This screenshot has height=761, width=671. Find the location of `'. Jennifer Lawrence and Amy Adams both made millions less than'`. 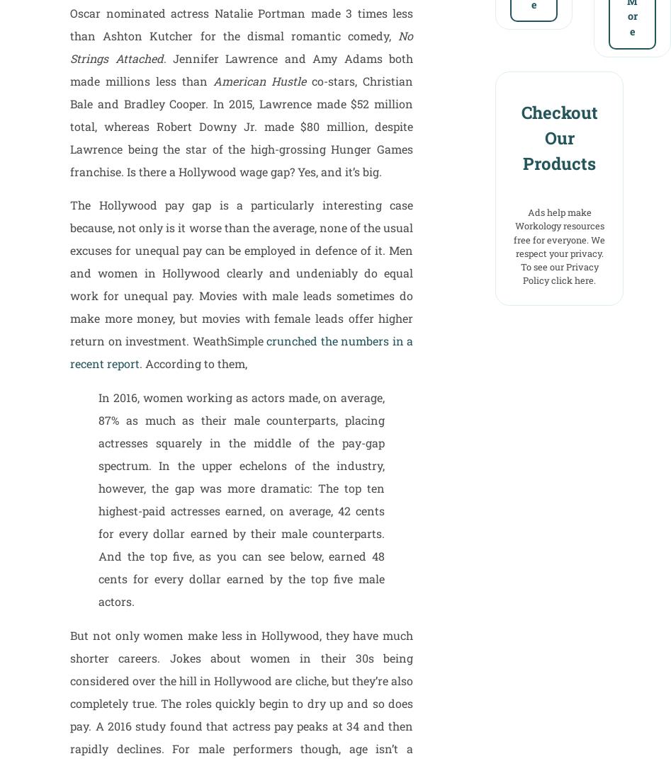

'. Jennifer Lawrence and Amy Adams both made millions less than' is located at coordinates (241, 69).